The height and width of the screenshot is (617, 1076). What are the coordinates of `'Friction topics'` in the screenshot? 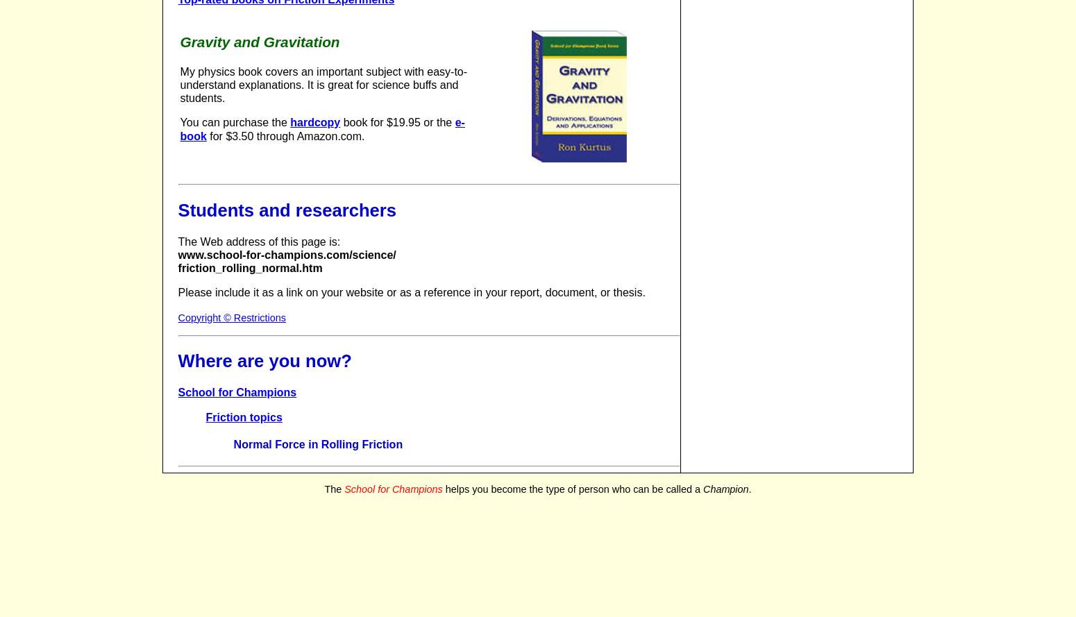 It's located at (243, 416).